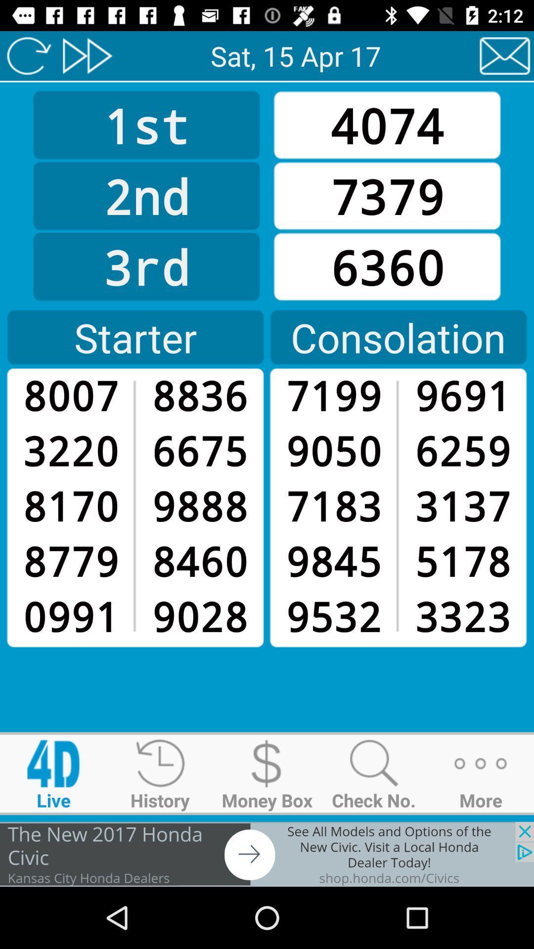 The height and width of the screenshot is (949, 534). Describe the element at coordinates (87, 55) in the screenshot. I see `the av_forward icon` at that location.